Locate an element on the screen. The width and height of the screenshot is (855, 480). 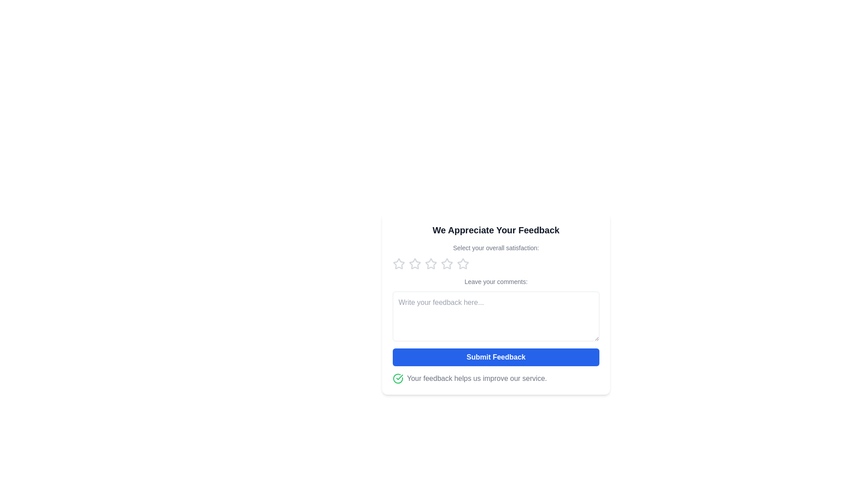
the second star icon in the rating row, positioned under the text 'Select your overall satisfaction' is located at coordinates (431, 263).